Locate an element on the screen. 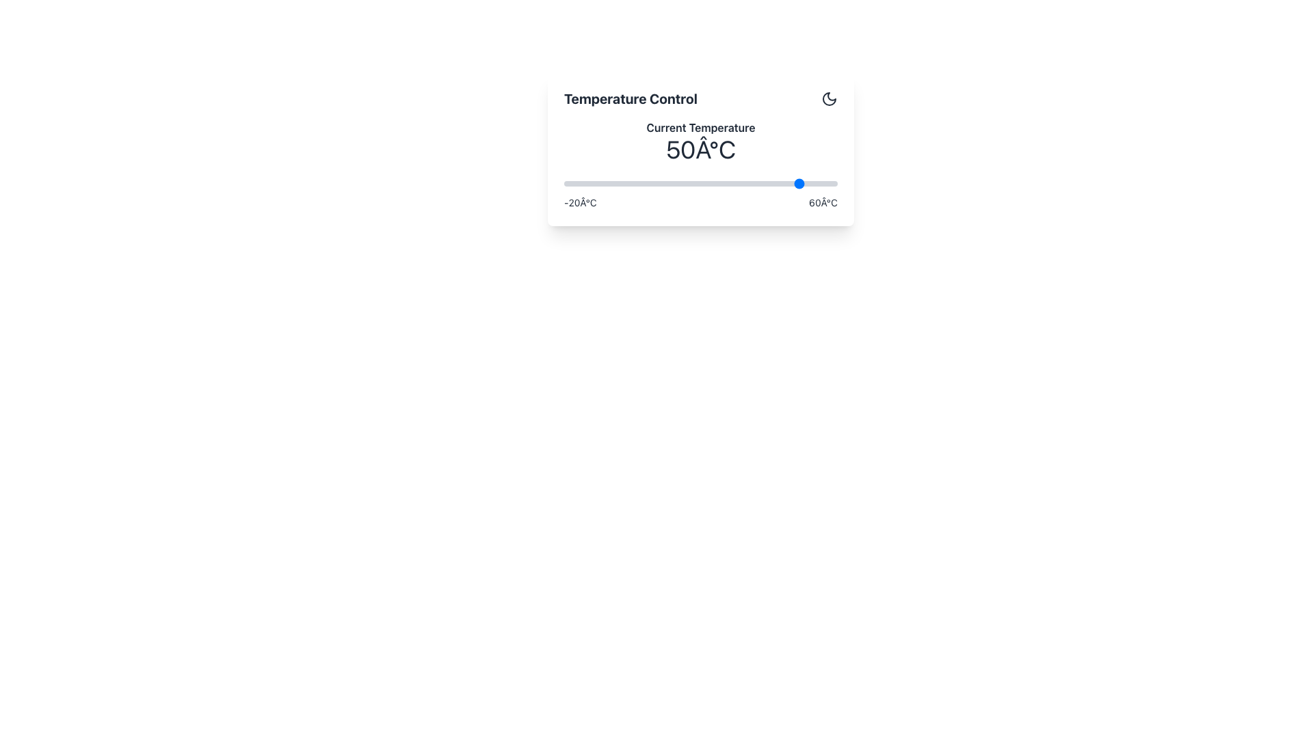 This screenshot has height=738, width=1313. the temperature is located at coordinates (625, 183).